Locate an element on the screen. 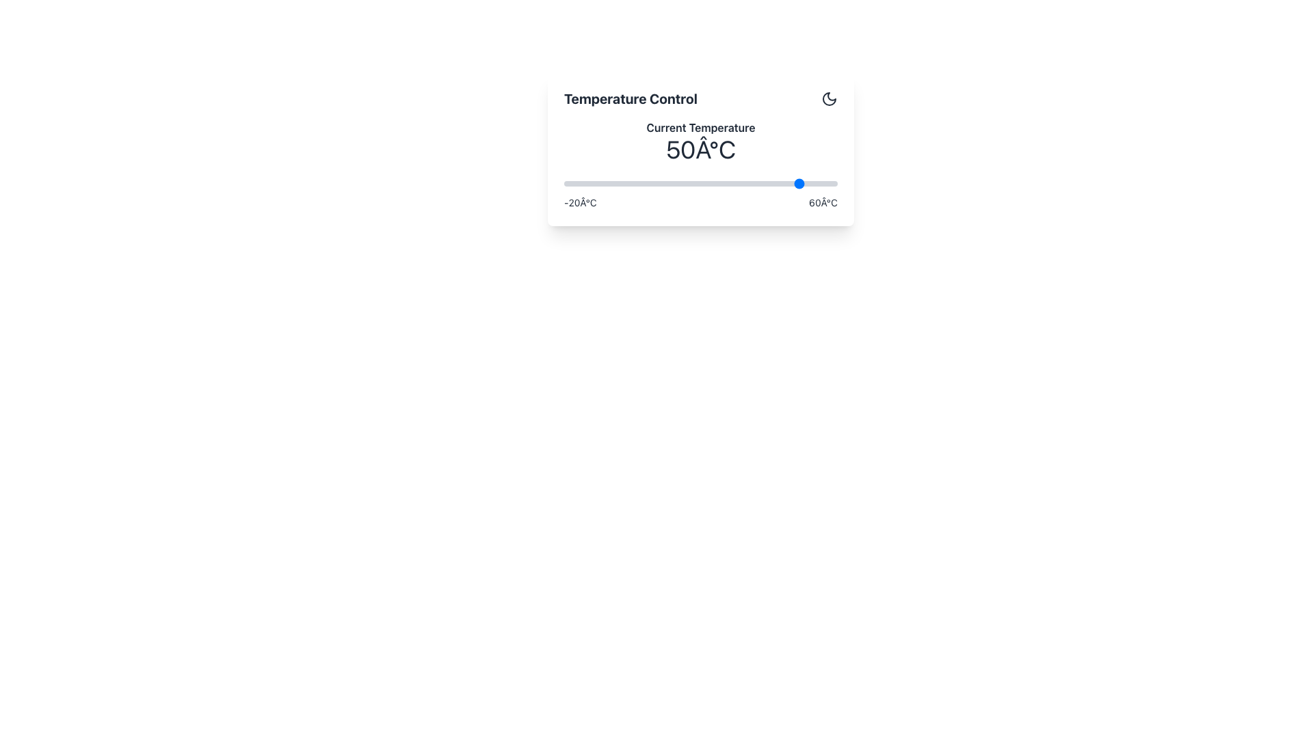 This screenshot has height=738, width=1313. the temperature is located at coordinates (625, 183).